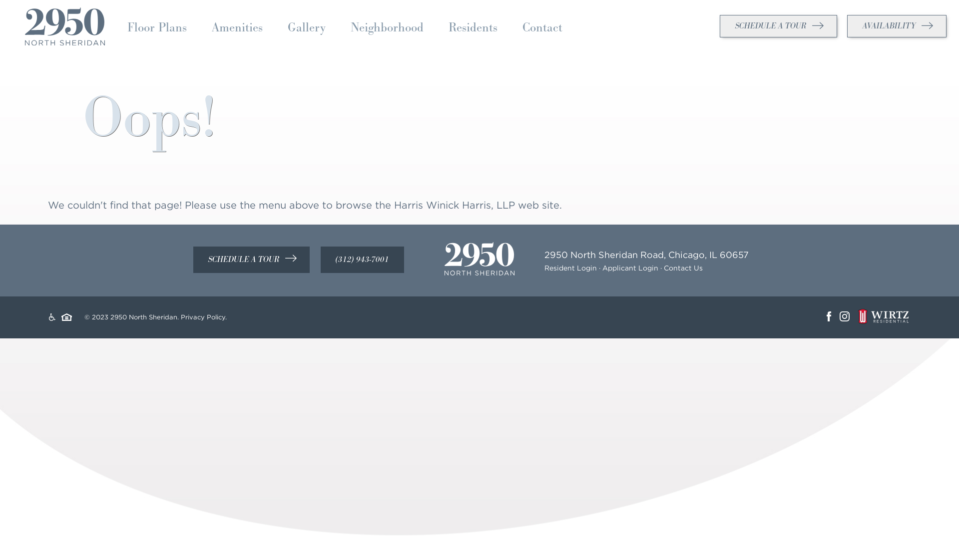 This screenshot has height=539, width=959. I want to click on '2950 North Sheridan Road, Chicago, IL 60657', so click(646, 254).